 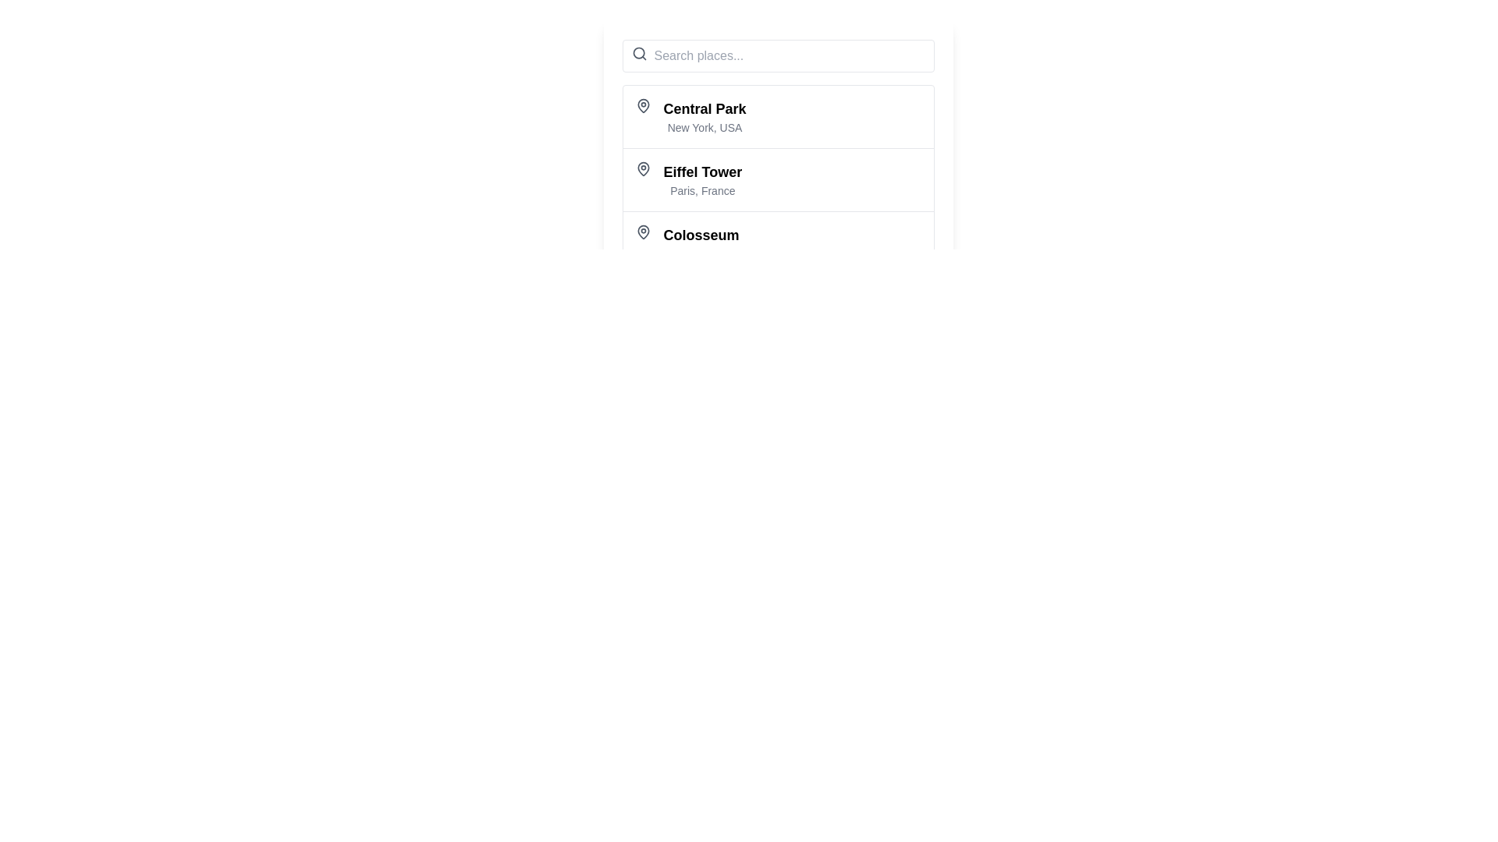 What do you see at coordinates (643, 105) in the screenshot?
I see `the map pin icon located to the left of the text 'Central Park' in the list under the search bar` at bounding box center [643, 105].